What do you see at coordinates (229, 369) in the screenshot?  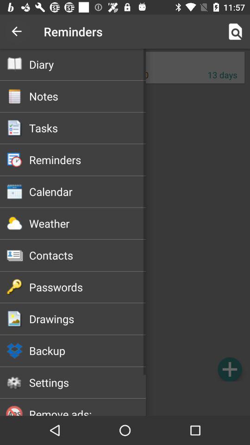 I see `the add icon` at bounding box center [229, 369].